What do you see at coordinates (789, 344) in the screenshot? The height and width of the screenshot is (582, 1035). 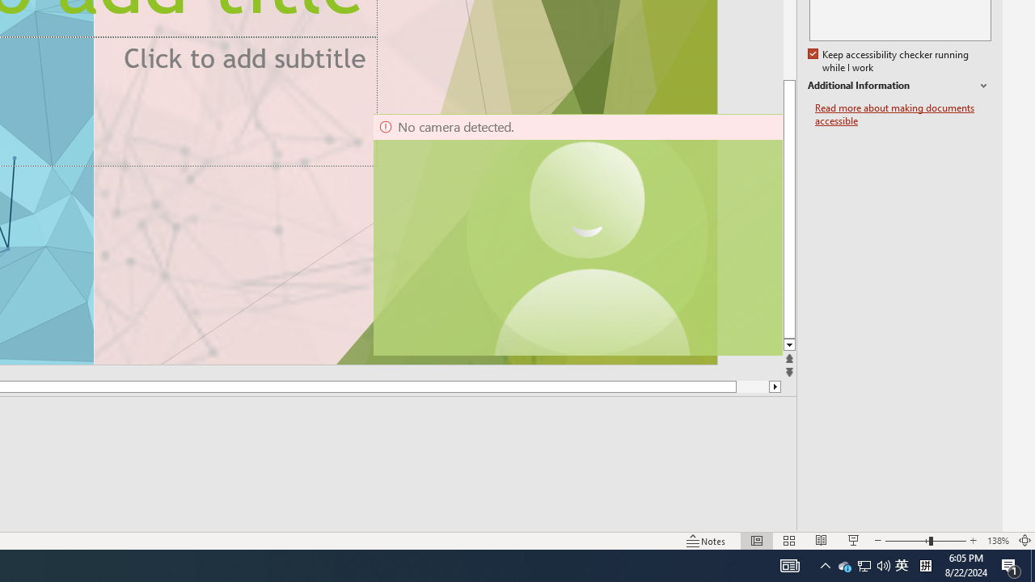 I see `'Line down'` at bounding box center [789, 344].